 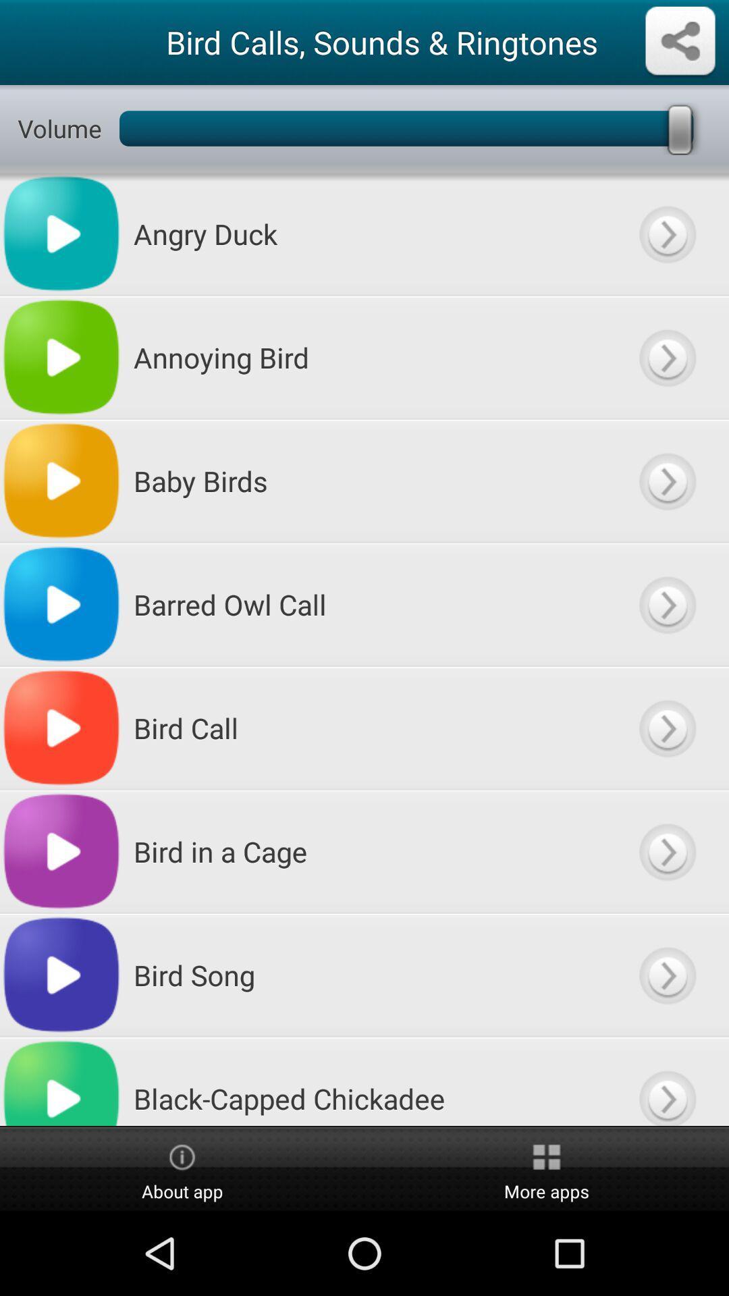 I want to click on sound or ringtone, so click(x=666, y=727).